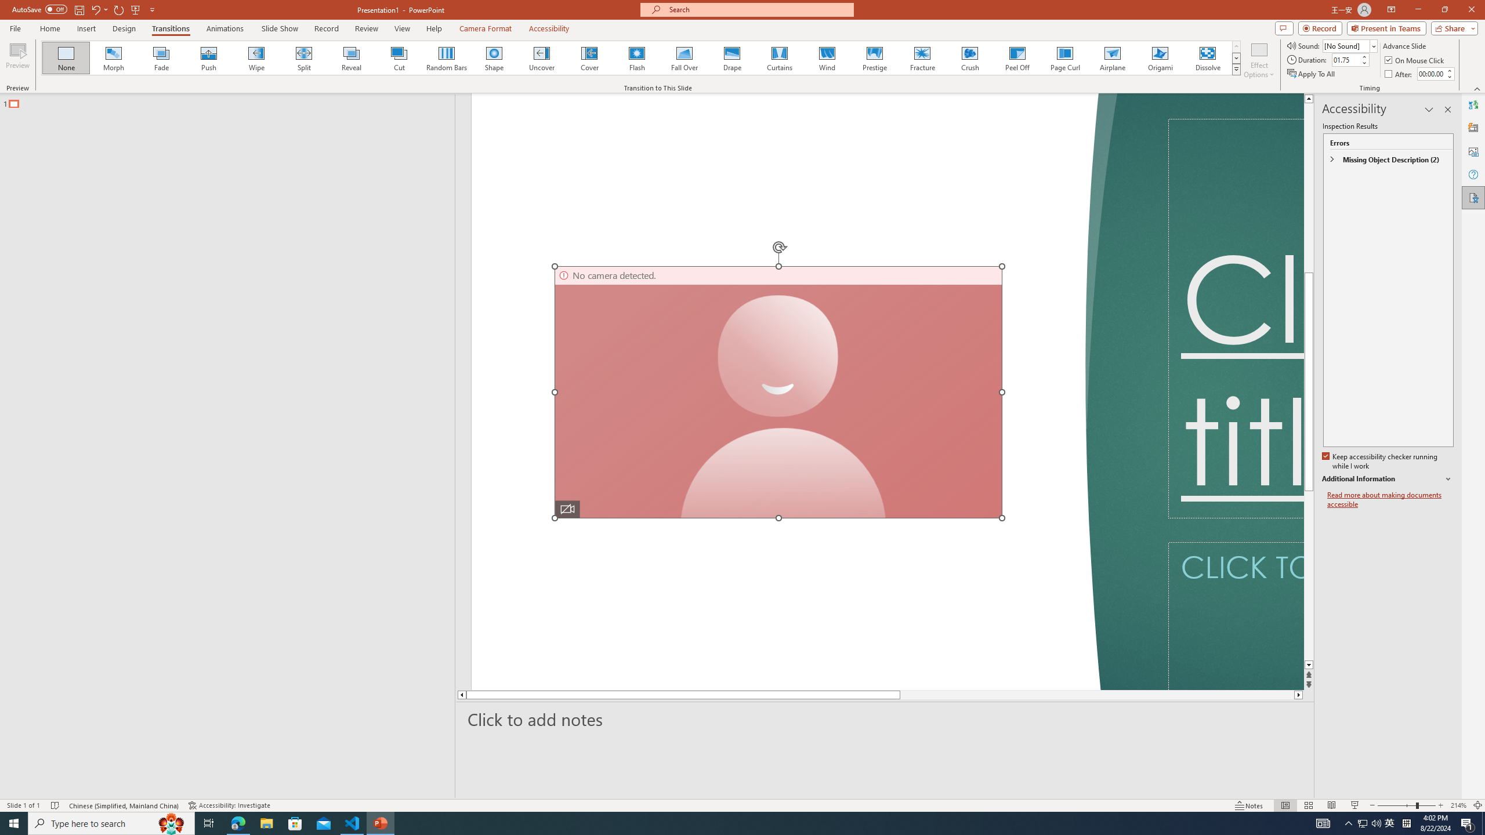  What do you see at coordinates (885, 719) in the screenshot?
I see `'Slide Notes'` at bounding box center [885, 719].